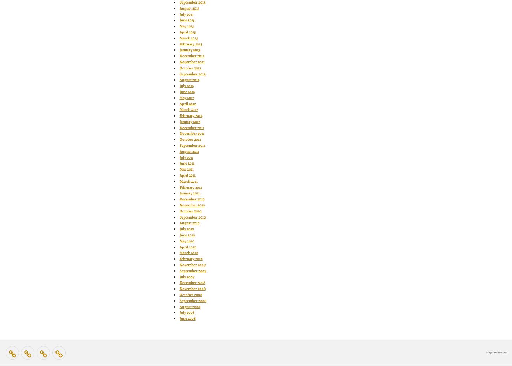 This screenshot has width=512, height=366. I want to click on 'February 2012', so click(190, 115).